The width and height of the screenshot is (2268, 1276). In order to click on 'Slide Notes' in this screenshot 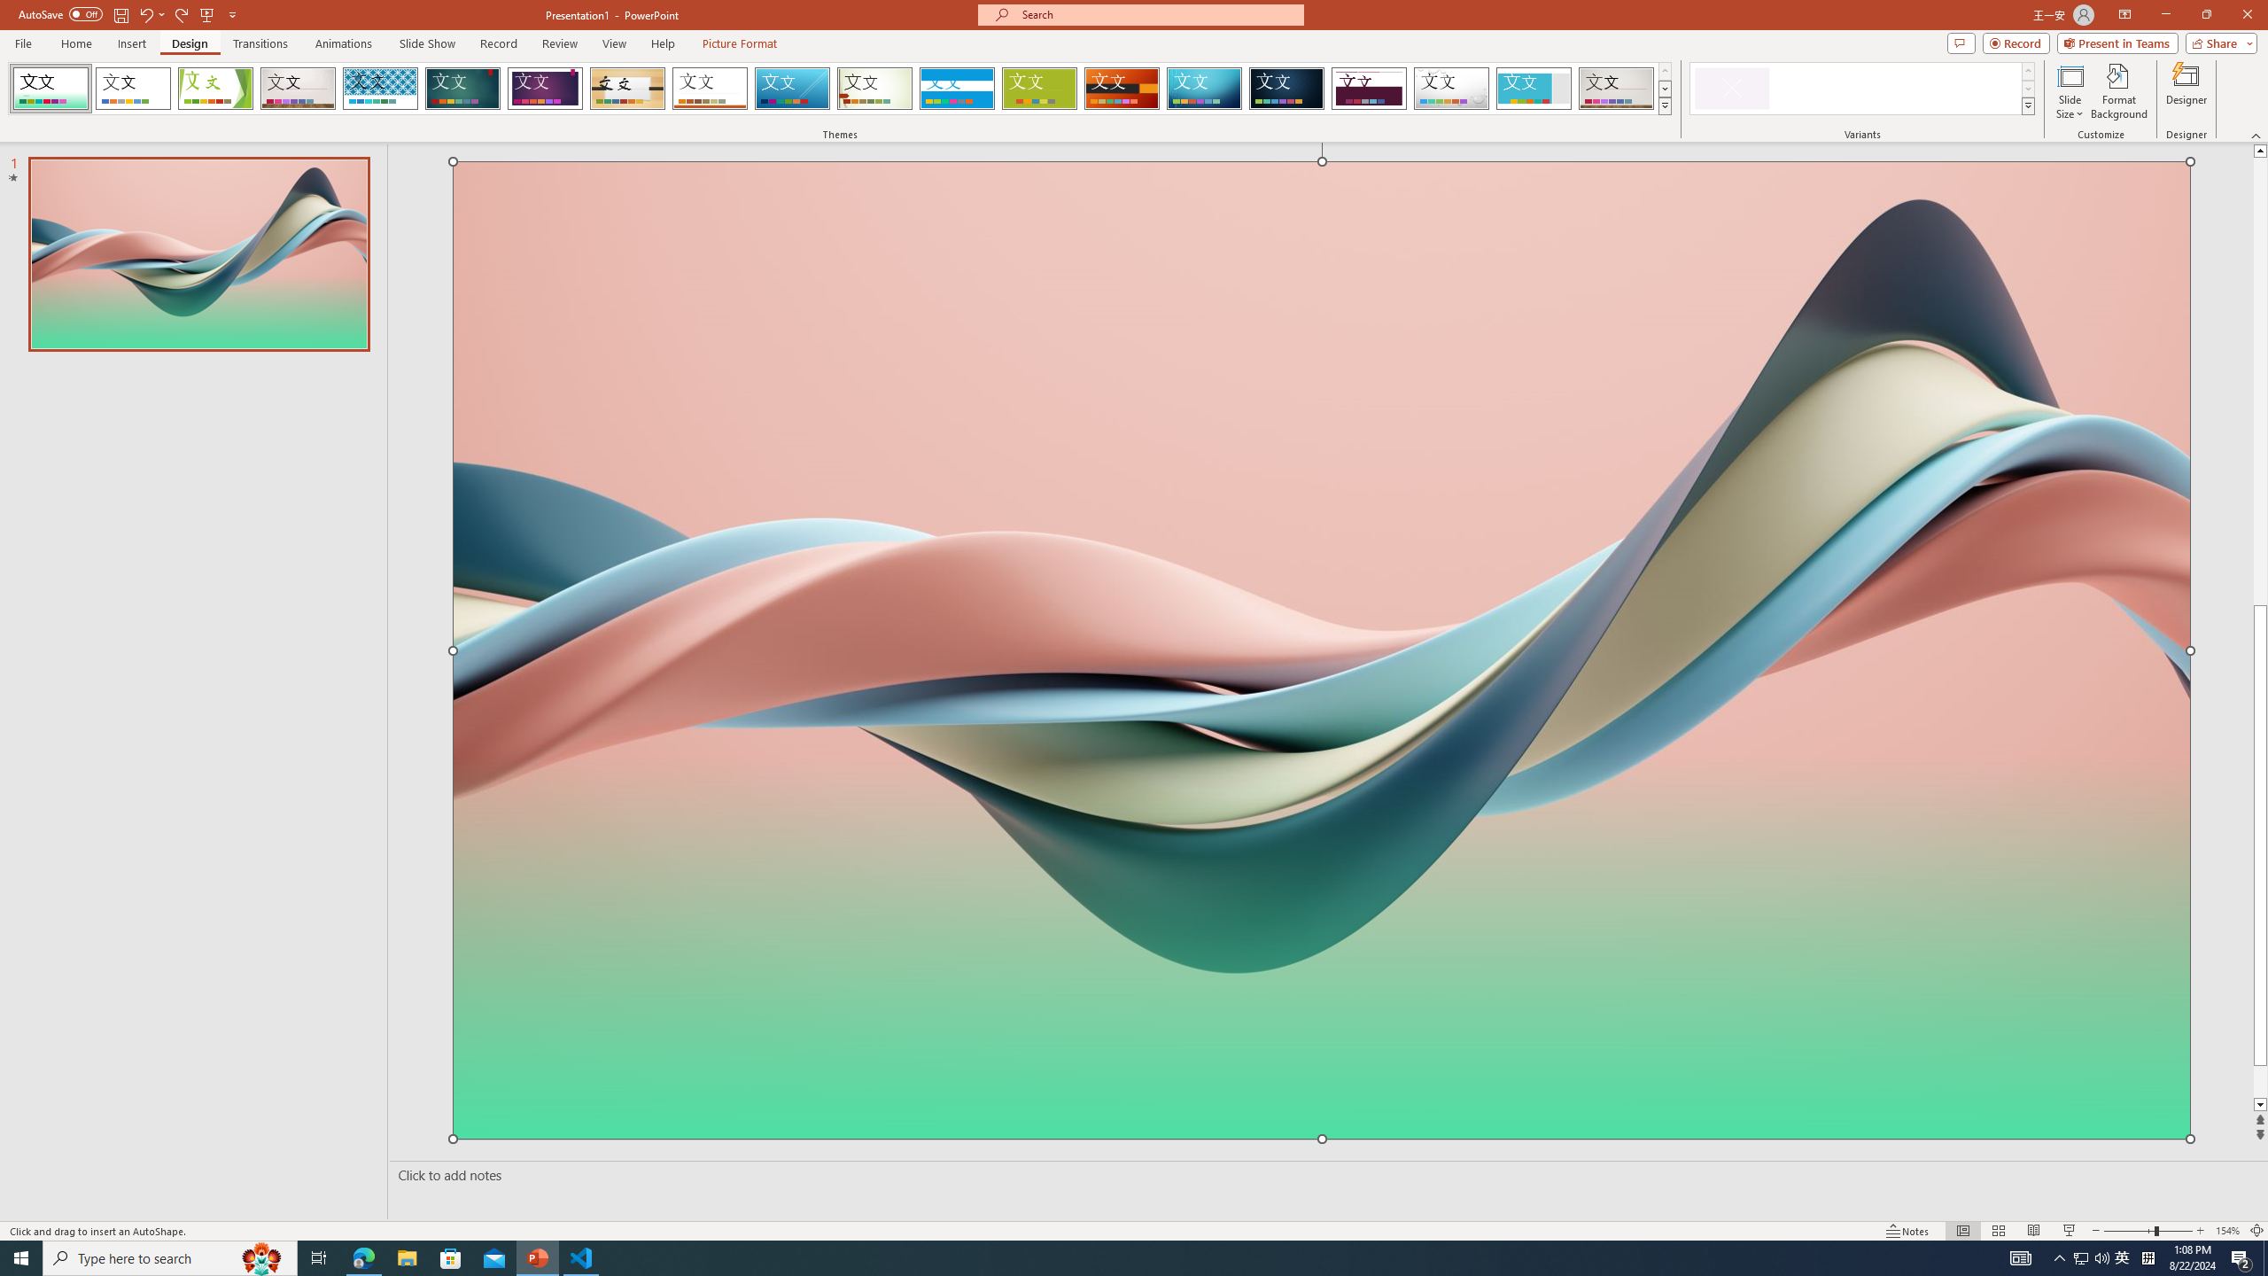, I will do `click(1324, 1174)`.